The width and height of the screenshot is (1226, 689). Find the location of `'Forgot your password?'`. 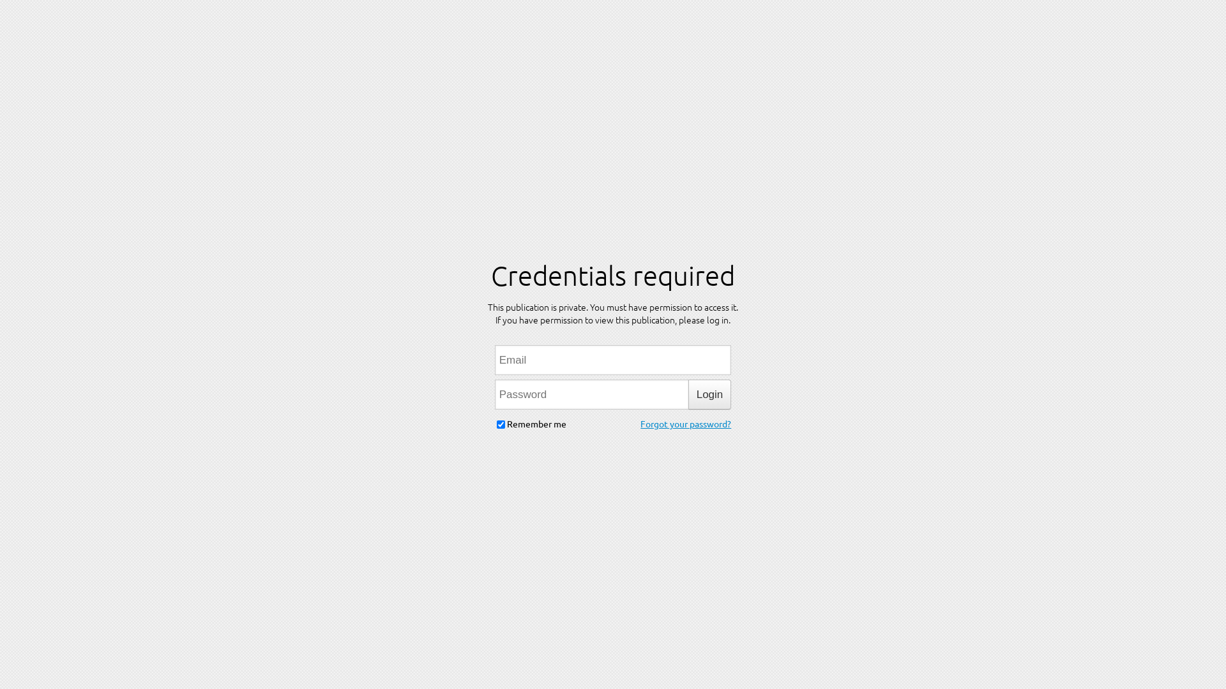

'Forgot your password?' is located at coordinates (685, 421).